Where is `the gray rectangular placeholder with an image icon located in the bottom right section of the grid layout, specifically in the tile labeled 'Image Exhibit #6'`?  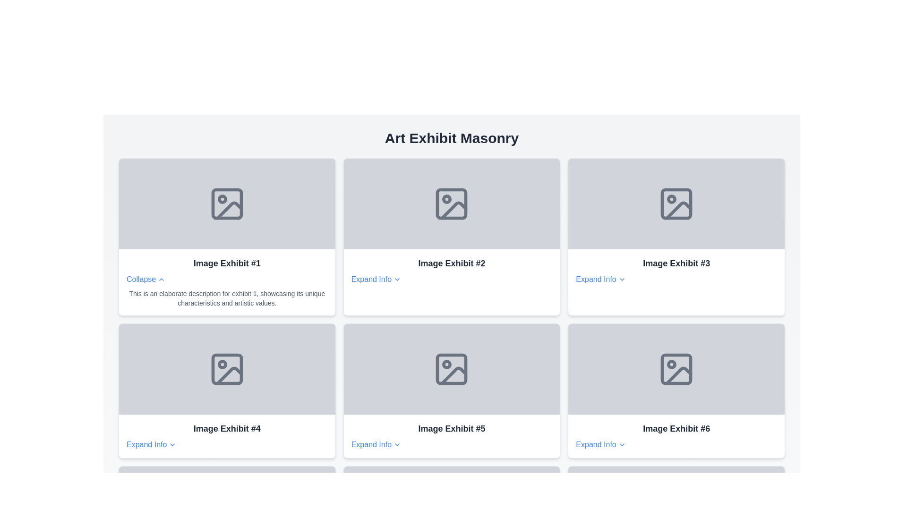
the gray rectangular placeholder with an image icon located in the bottom right section of the grid layout, specifically in the tile labeled 'Image Exhibit #6' is located at coordinates (676, 369).